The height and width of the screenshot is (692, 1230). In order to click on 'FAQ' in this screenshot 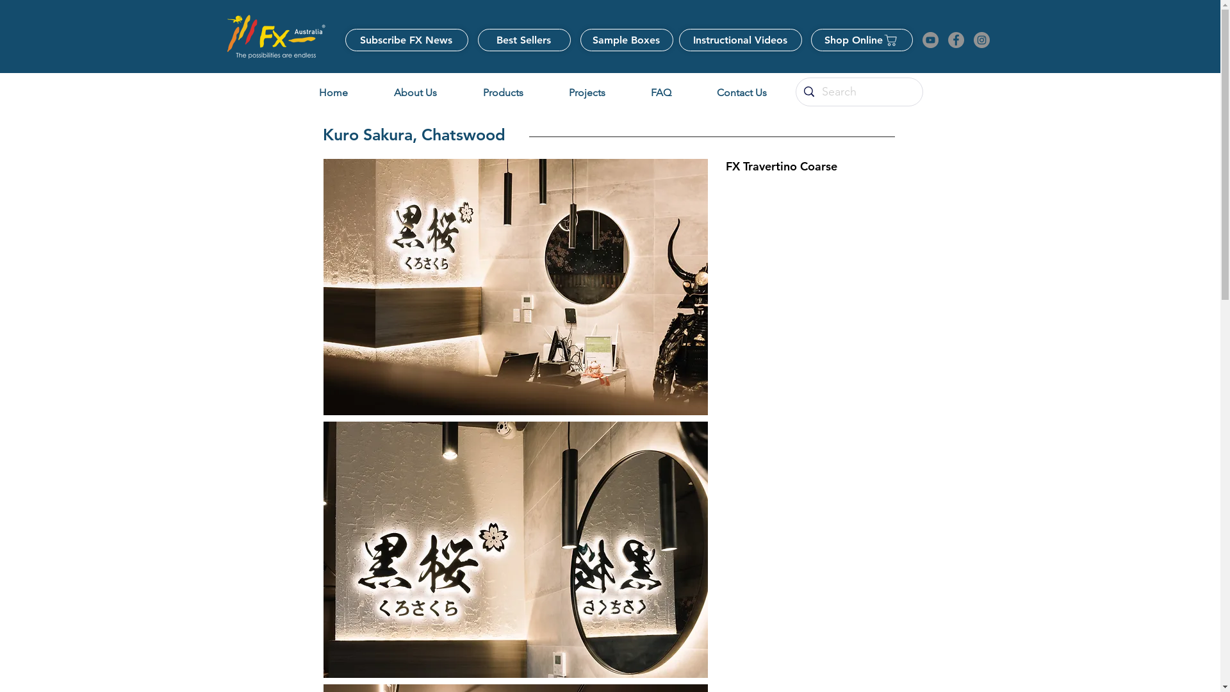, I will do `click(660, 92)`.